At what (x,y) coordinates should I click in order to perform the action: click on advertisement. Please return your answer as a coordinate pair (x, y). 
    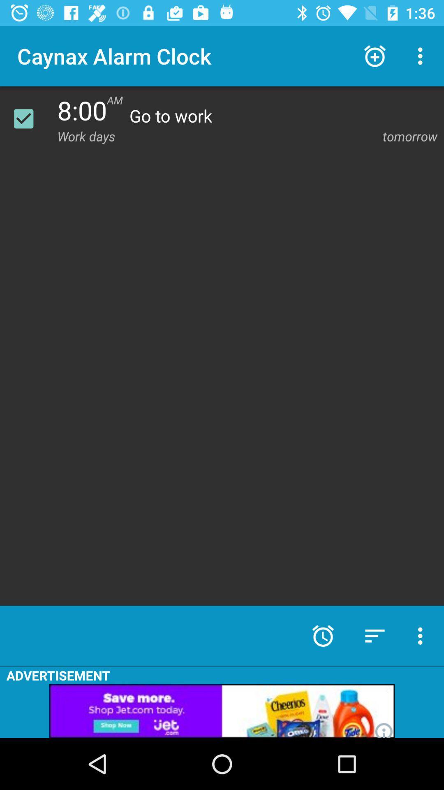
    Looking at the image, I should click on (222, 711).